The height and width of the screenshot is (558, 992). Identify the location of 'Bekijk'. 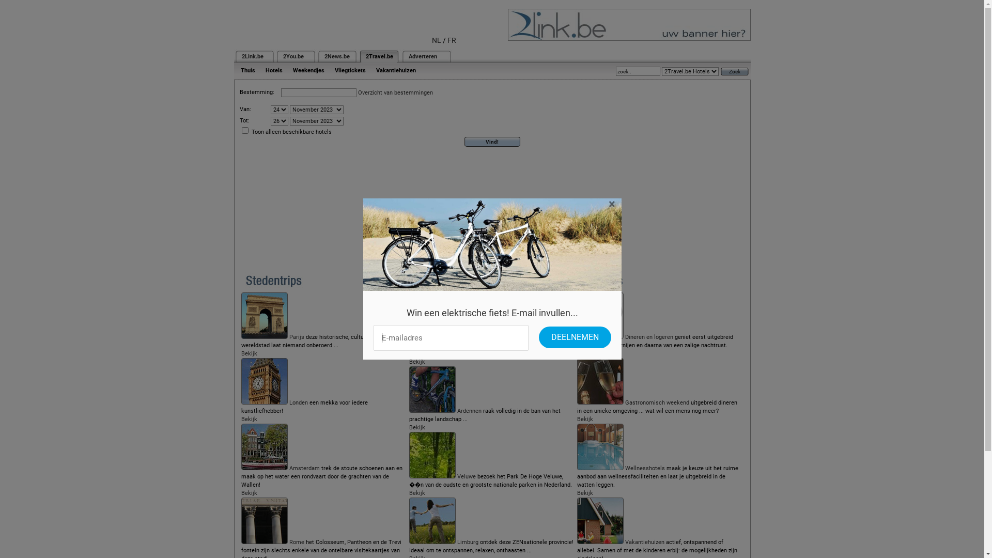
(417, 492).